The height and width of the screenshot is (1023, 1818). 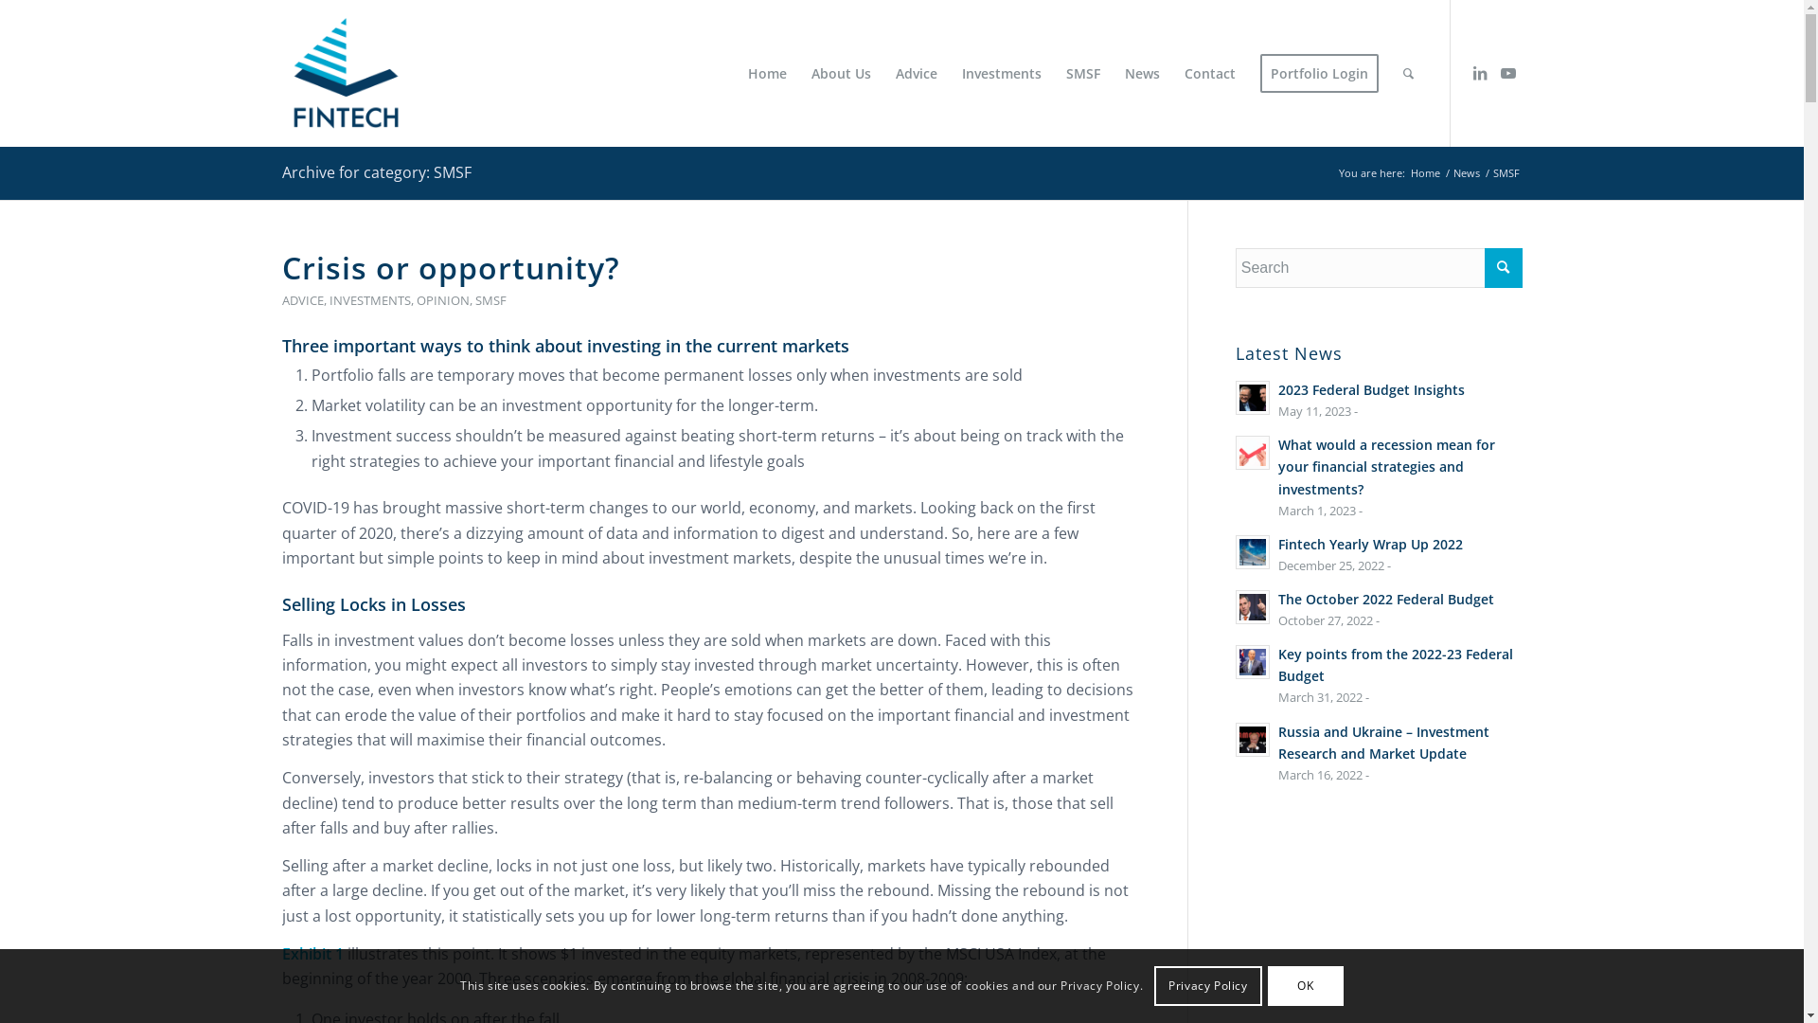 I want to click on 'ADVICE', so click(x=303, y=298).